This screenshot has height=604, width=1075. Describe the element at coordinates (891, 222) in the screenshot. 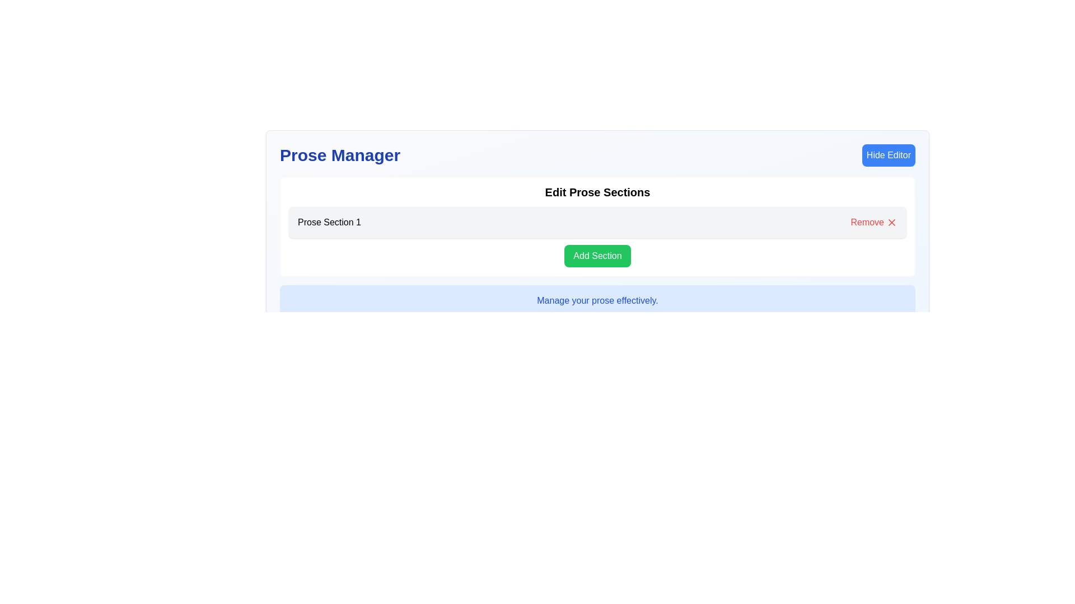

I see `the red 'X' icon located to the right of the 'Remove' text within the 'Remove' button` at that location.